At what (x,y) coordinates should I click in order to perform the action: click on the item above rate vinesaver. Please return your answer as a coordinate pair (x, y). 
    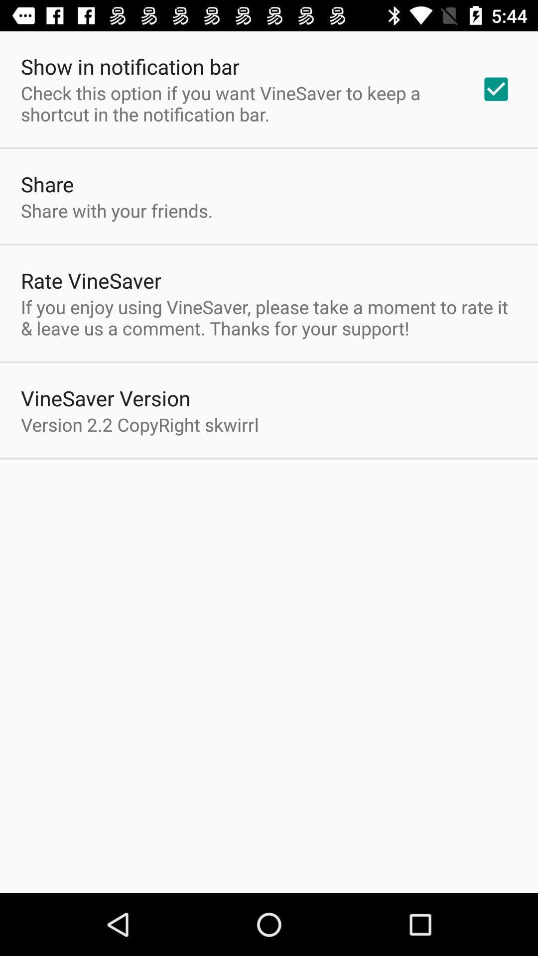
    Looking at the image, I should click on (116, 210).